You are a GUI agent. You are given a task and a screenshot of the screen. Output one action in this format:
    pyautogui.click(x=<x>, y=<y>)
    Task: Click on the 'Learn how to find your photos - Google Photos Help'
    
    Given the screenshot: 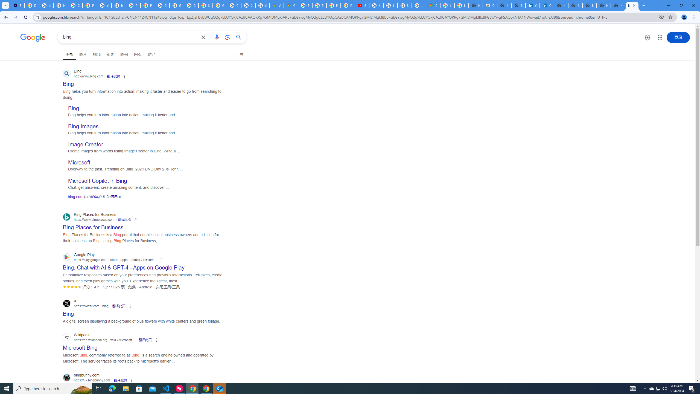 What is the action you would take?
    pyautogui.click(x=46, y=5)
    